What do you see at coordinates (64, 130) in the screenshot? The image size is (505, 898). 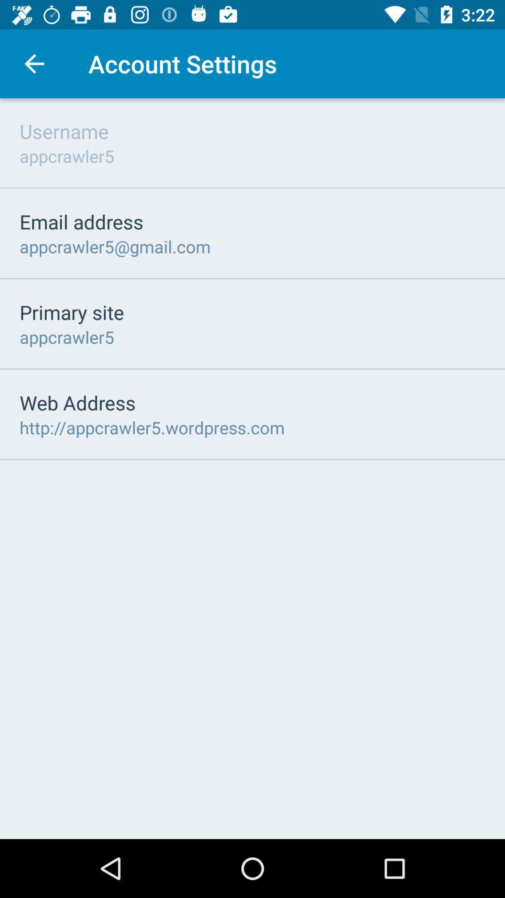 I see `the username` at bounding box center [64, 130].